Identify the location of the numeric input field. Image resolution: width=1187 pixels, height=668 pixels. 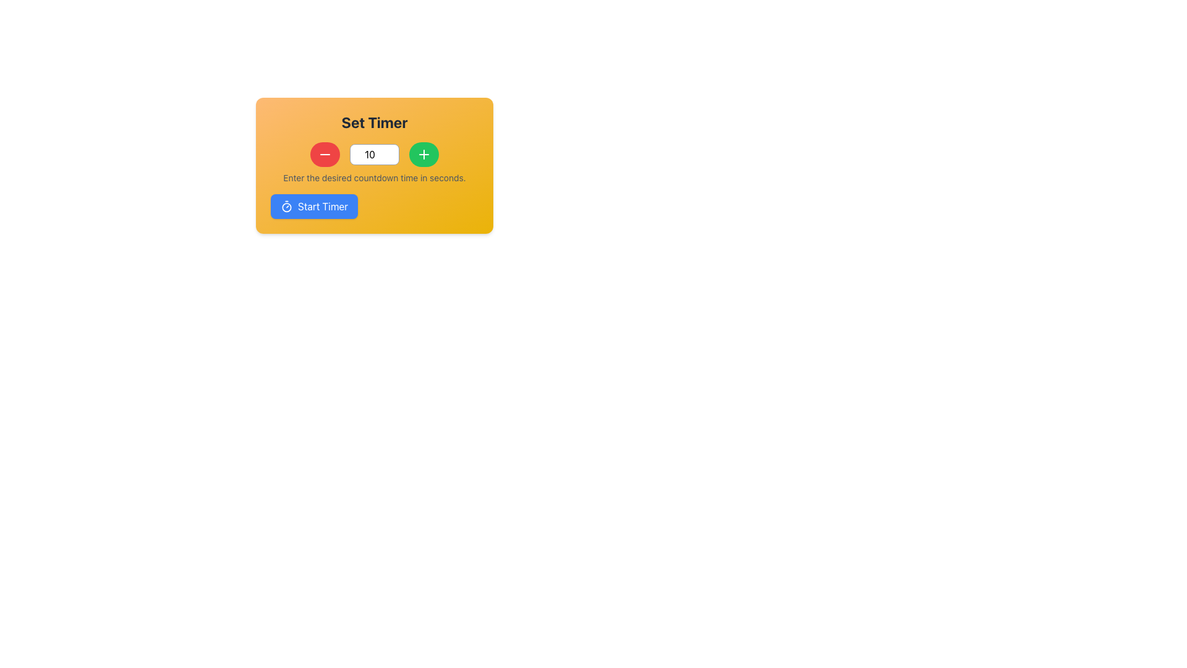
(373, 154).